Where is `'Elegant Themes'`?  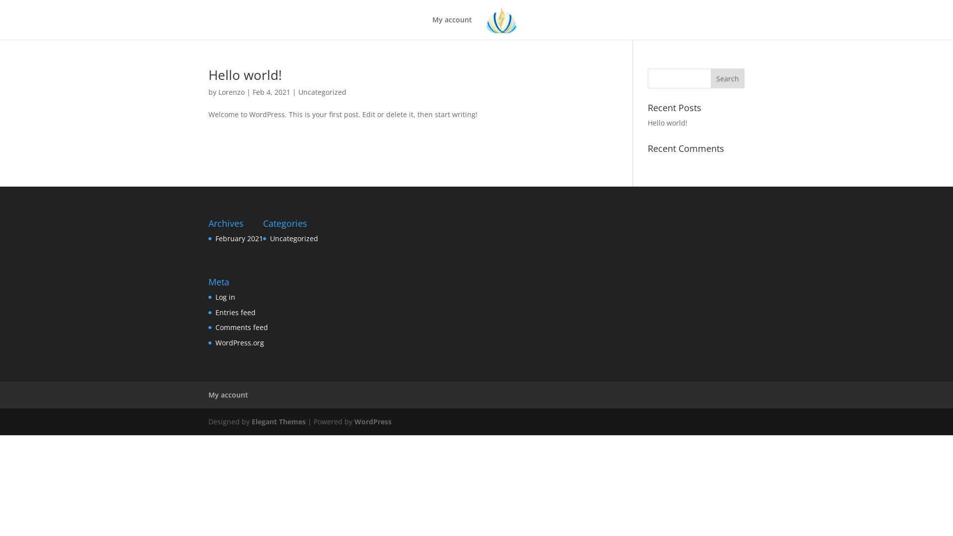
'Elegant Themes' is located at coordinates (278, 421).